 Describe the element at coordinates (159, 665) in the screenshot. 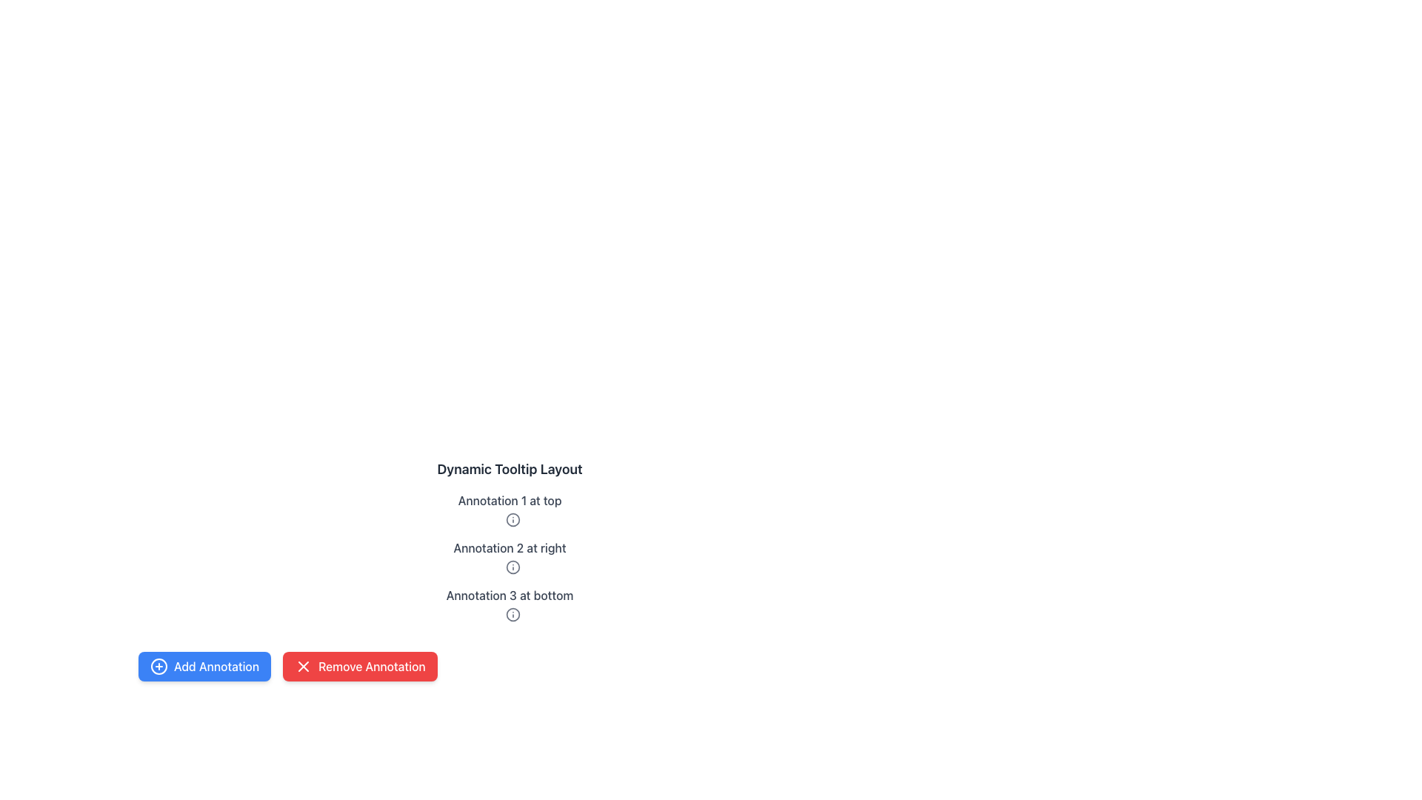

I see `the circular icon with a plus sign at the center, which is part of the 'Add Annotation' button located on the left side of the footer section` at that location.